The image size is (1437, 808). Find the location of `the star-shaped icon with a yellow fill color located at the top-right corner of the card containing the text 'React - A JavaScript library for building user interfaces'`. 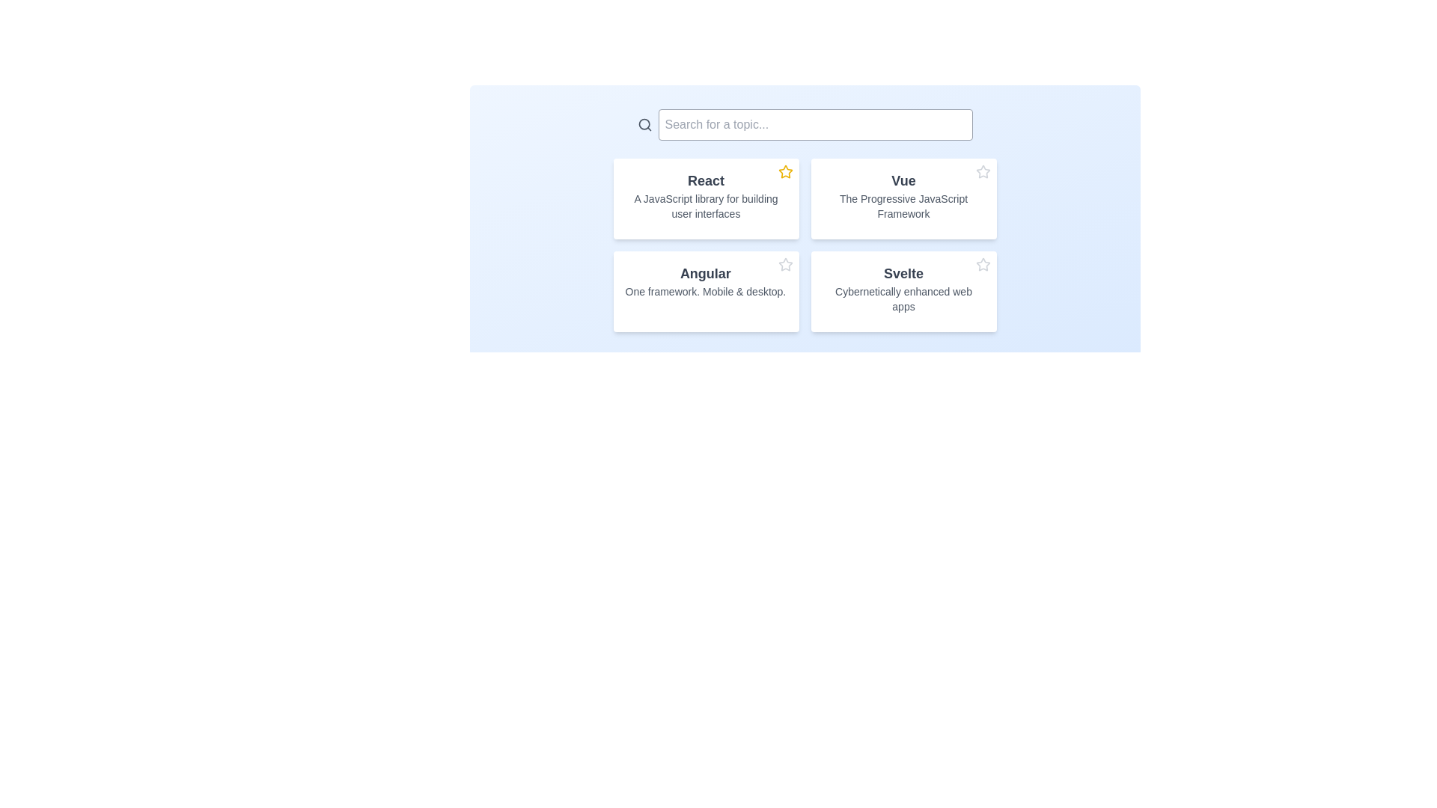

the star-shaped icon with a yellow fill color located at the top-right corner of the card containing the text 'React - A JavaScript library for building user interfaces' is located at coordinates (784, 171).